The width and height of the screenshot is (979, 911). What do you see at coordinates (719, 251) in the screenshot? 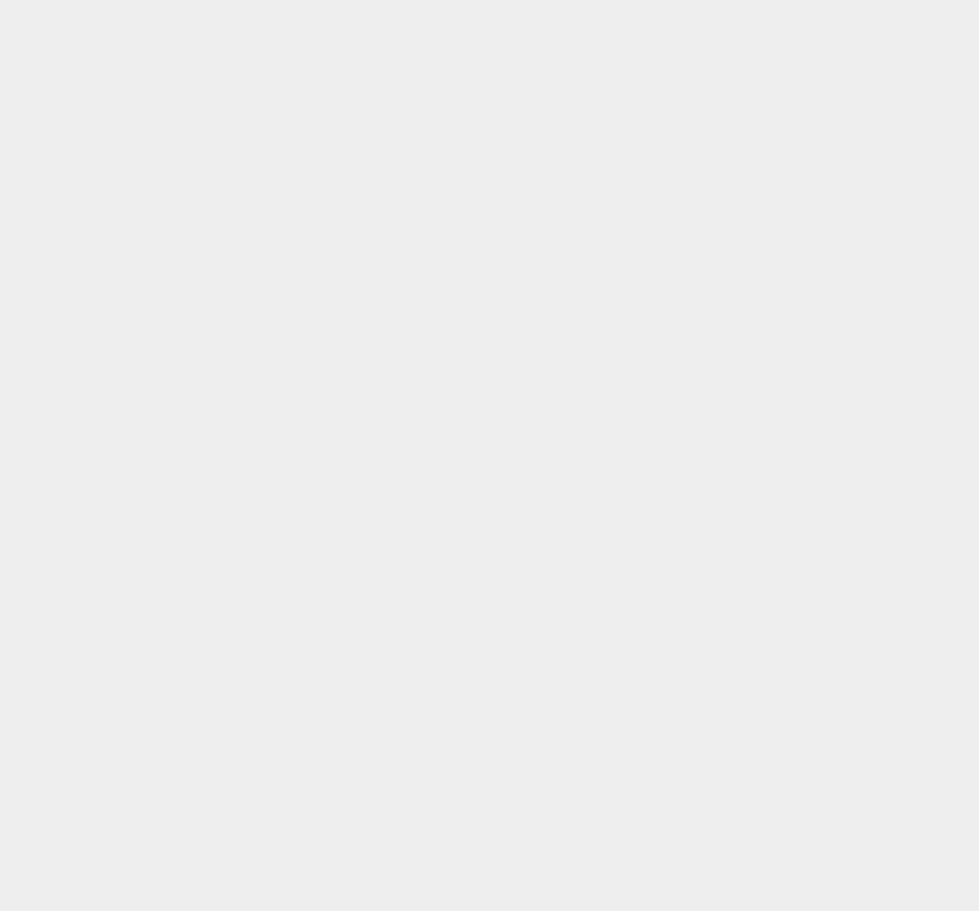
I see `'Firefox OS'` at bounding box center [719, 251].